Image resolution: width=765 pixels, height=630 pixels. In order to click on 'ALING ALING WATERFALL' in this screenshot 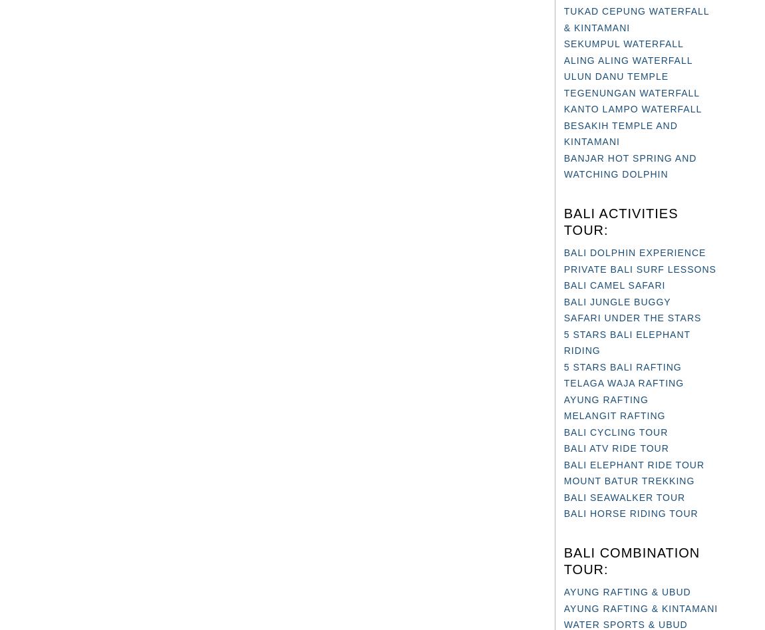, I will do `click(628, 59)`.